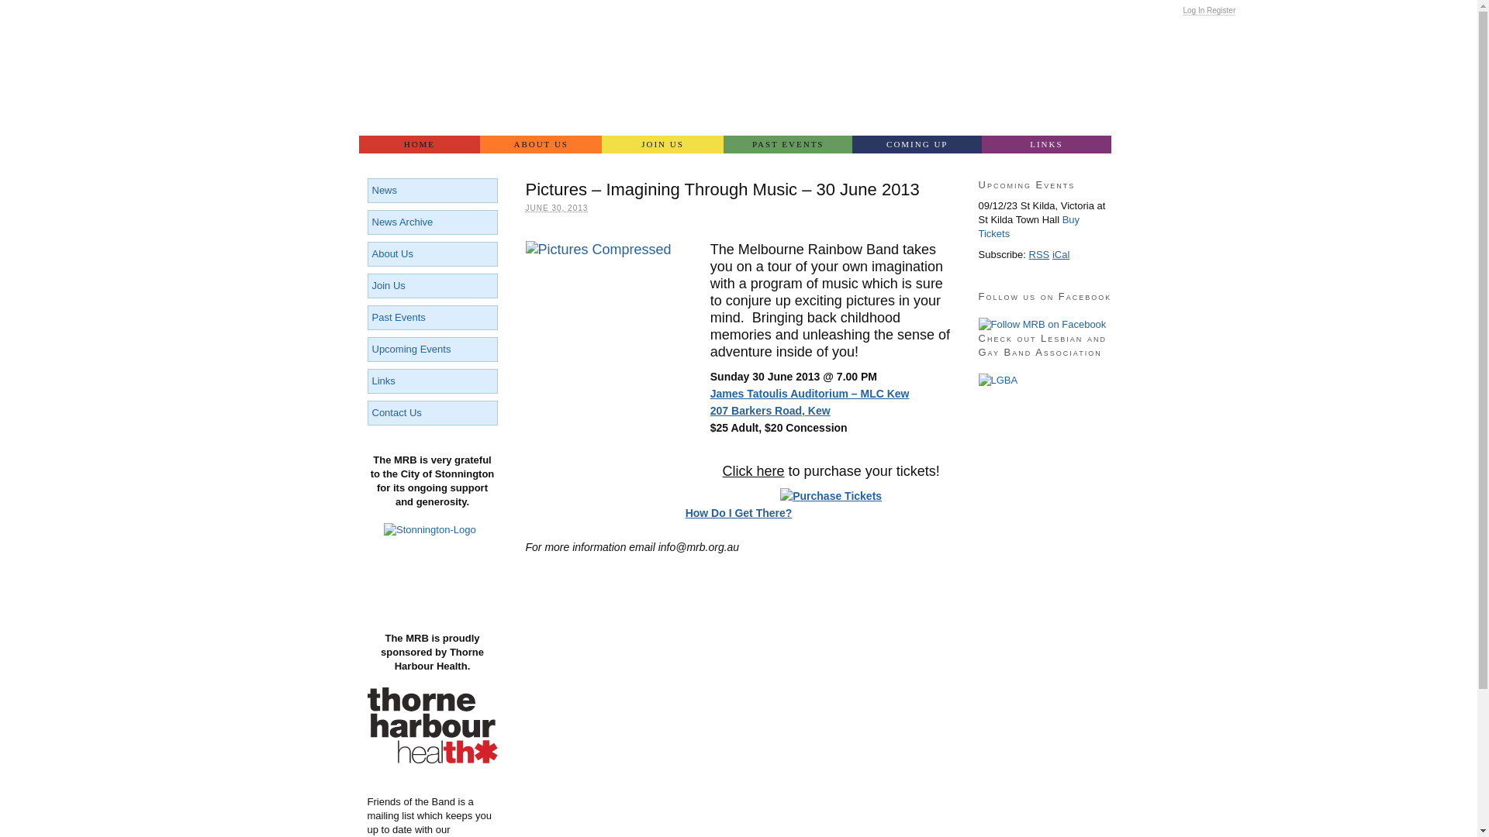 The width and height of the screenshot is (1489, 837). I want to click on 'About Us', so click(392, 253).